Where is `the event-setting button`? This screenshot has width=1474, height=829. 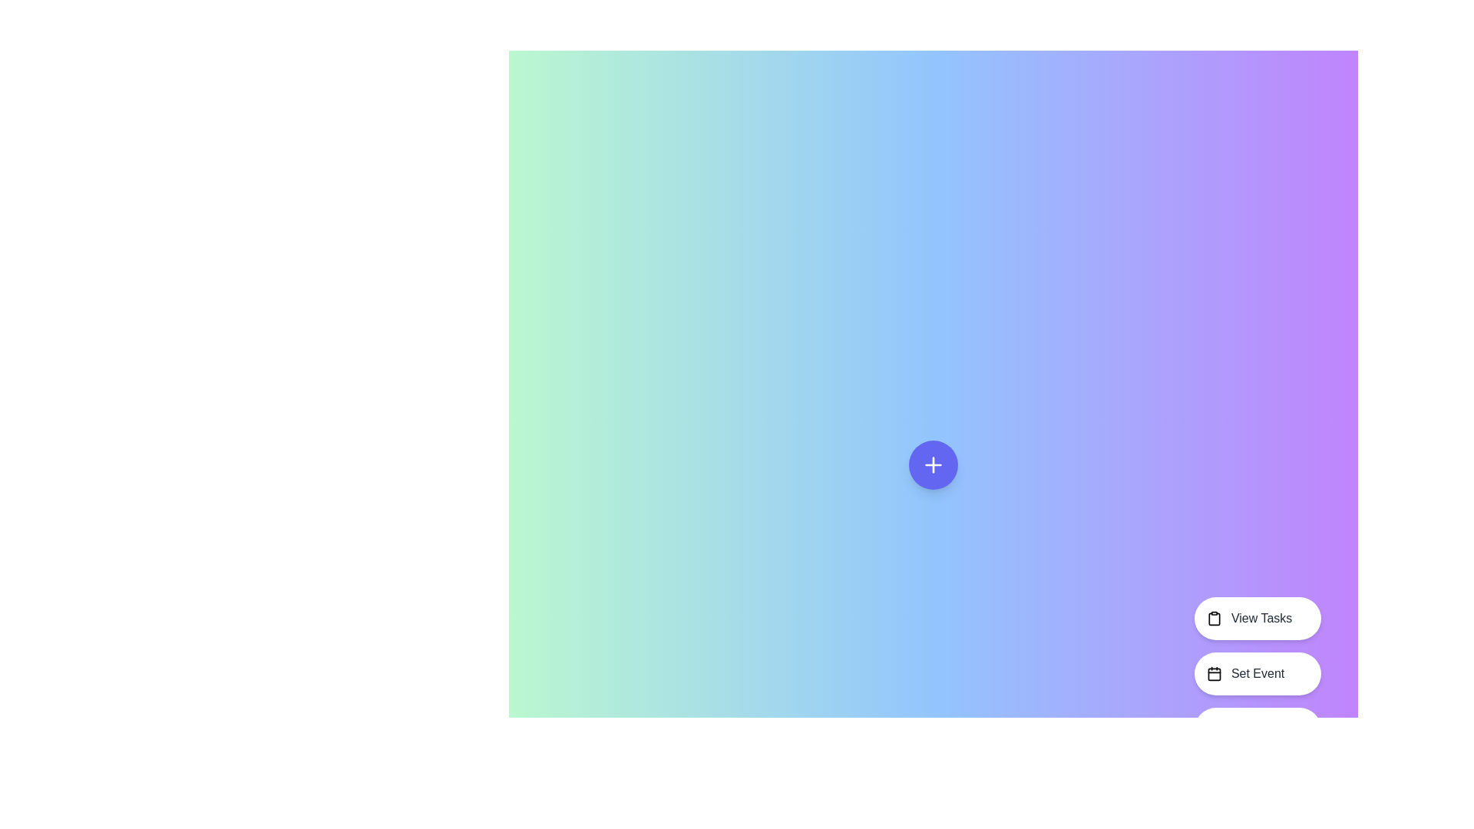 the event-setting button is located at coordinates (1258, 673).